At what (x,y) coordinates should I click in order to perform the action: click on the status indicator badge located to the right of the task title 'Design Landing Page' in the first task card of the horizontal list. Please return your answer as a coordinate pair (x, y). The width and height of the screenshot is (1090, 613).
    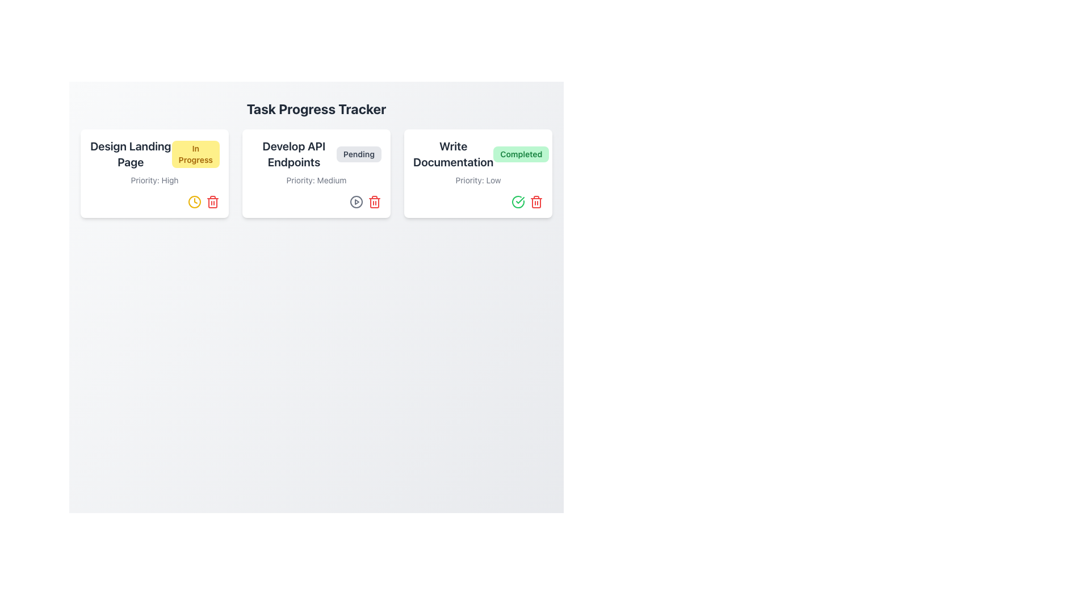
    Looking at the image, I should click on (195, 154).